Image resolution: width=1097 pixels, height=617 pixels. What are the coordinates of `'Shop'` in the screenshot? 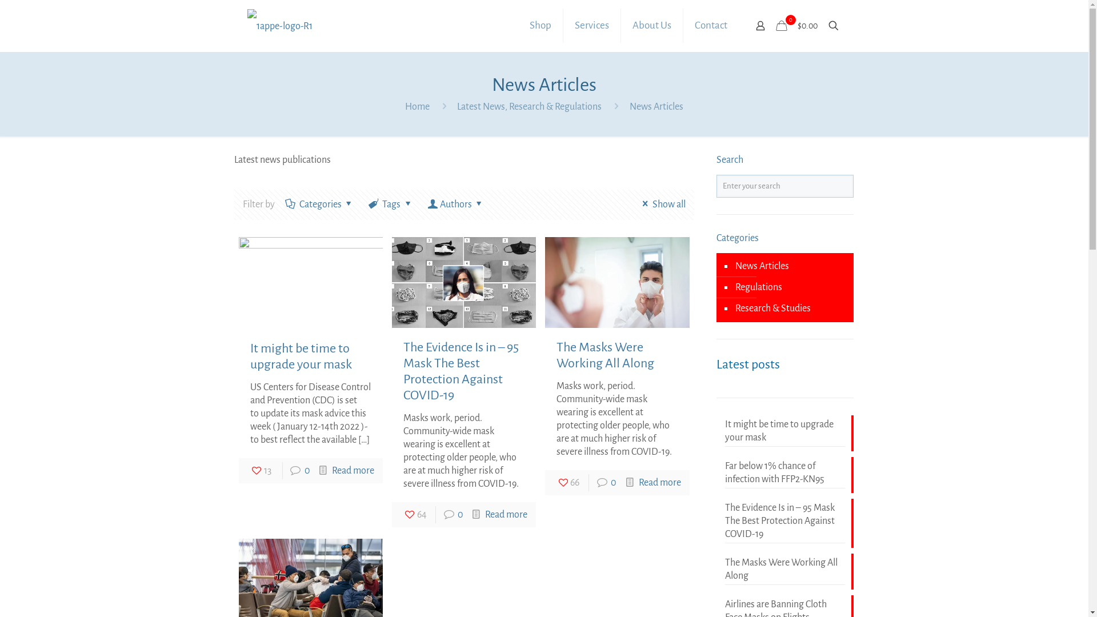 It's located at (540, 26).